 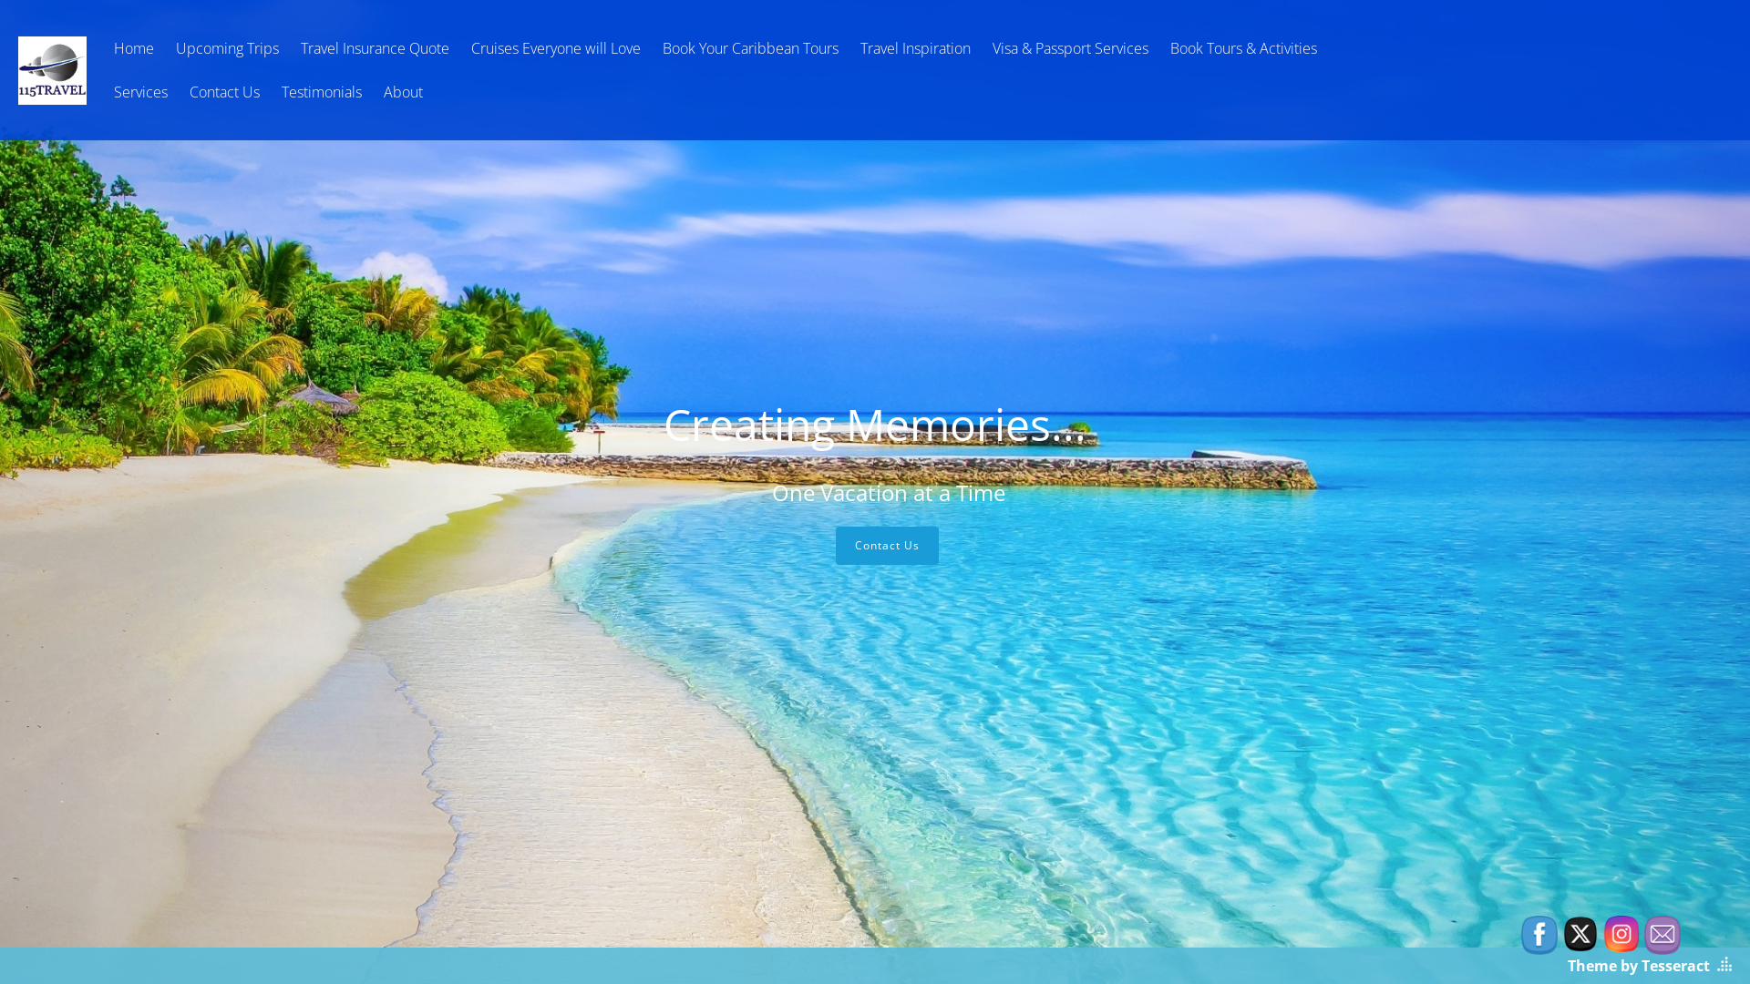 I want to click on 'Contact Us', so click(x=223, y=91).